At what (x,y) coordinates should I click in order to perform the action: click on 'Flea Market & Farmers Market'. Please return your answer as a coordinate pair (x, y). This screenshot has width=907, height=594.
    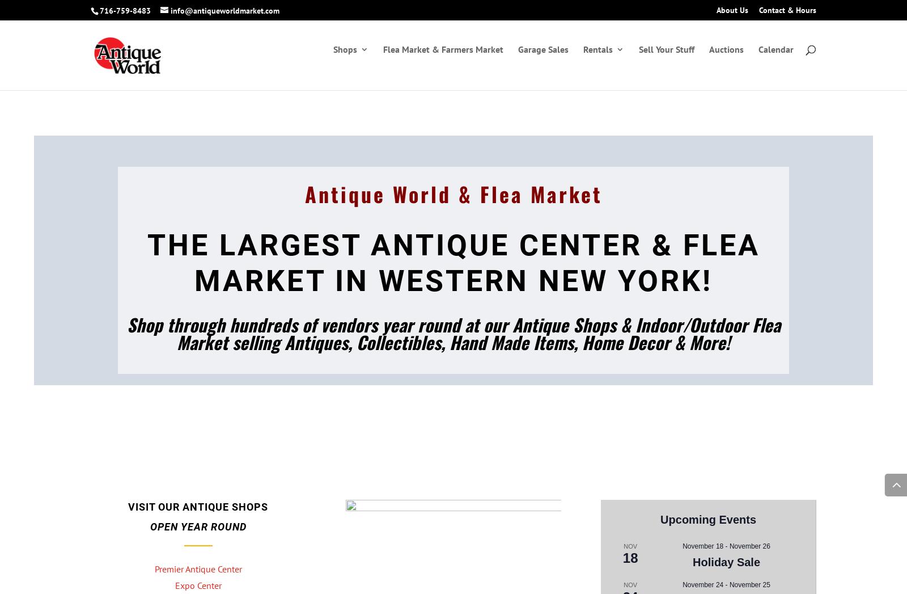
    Looking at the image, I should click on (443, 61).